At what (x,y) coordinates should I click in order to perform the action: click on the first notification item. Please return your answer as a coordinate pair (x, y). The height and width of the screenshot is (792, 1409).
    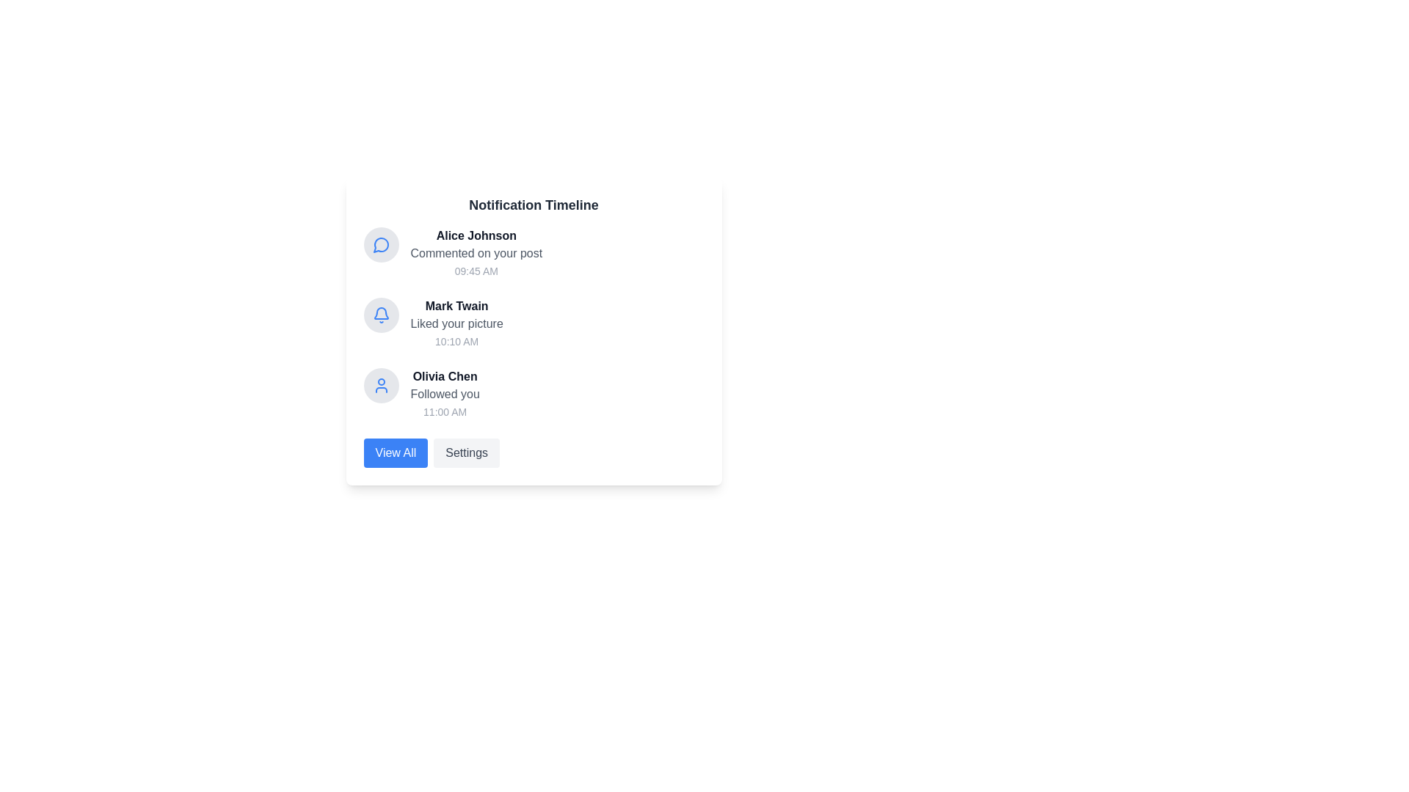
    Looking at the image, I should click on (476, 253).